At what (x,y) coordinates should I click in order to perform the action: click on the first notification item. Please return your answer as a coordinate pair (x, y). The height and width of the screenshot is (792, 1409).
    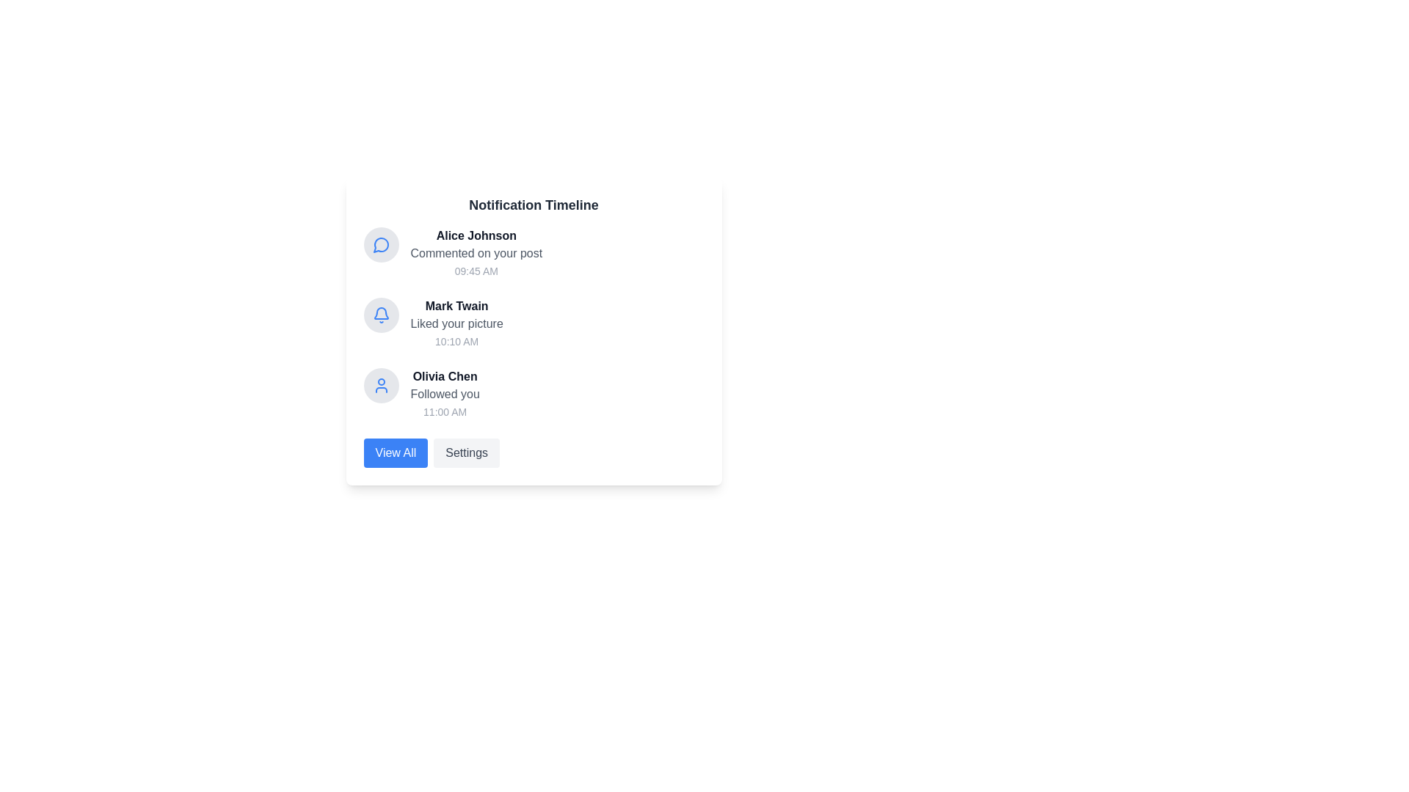
    Looking at the image, I should click on (476, 253).